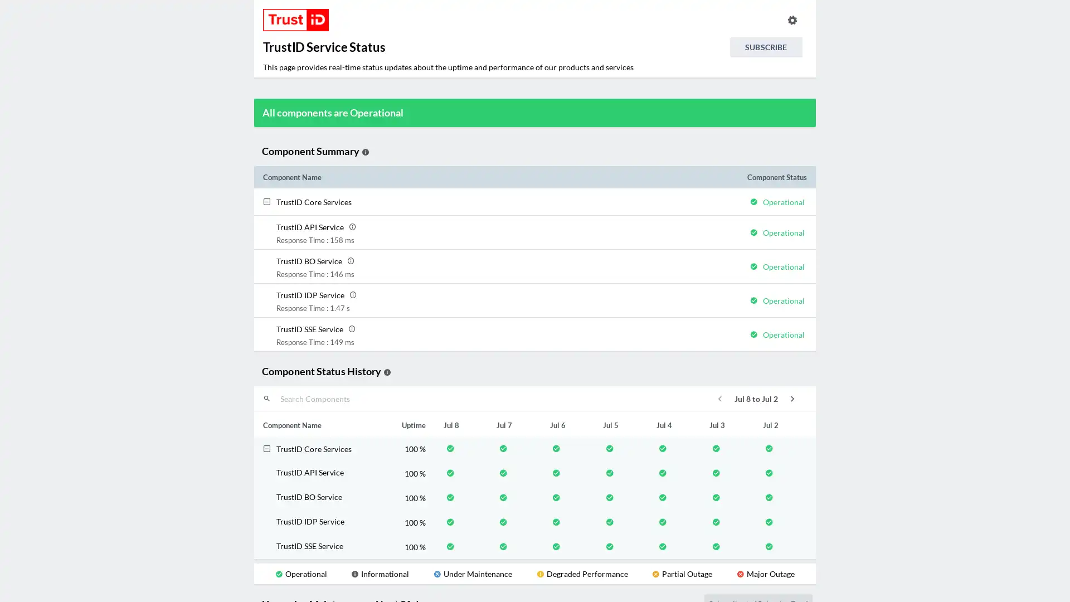  Describe the element at coordinates (535, 497) in the screenshot. I see `TrustID BO Service 100 %` at that location.